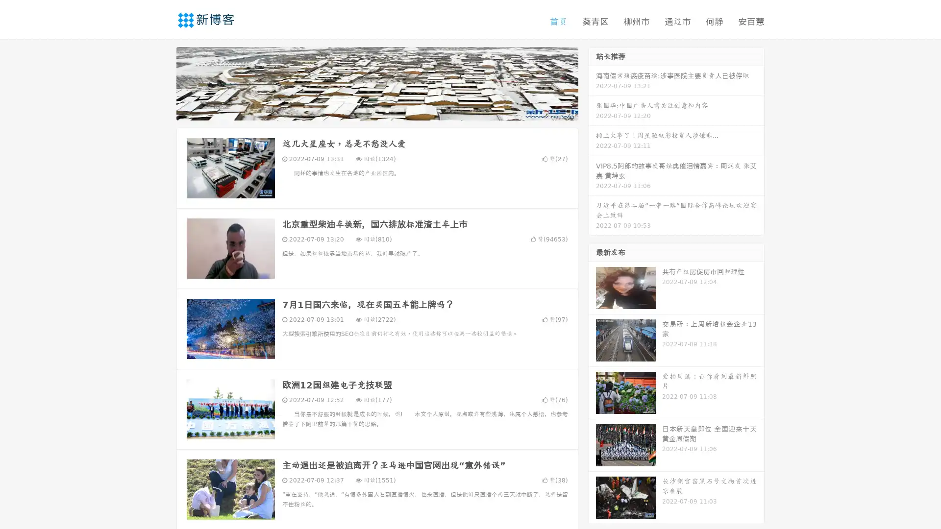  What do you see at coordinates (376, 110) in the screenshot?
I see `Go to slide 2` at bounding box center [376, 110].